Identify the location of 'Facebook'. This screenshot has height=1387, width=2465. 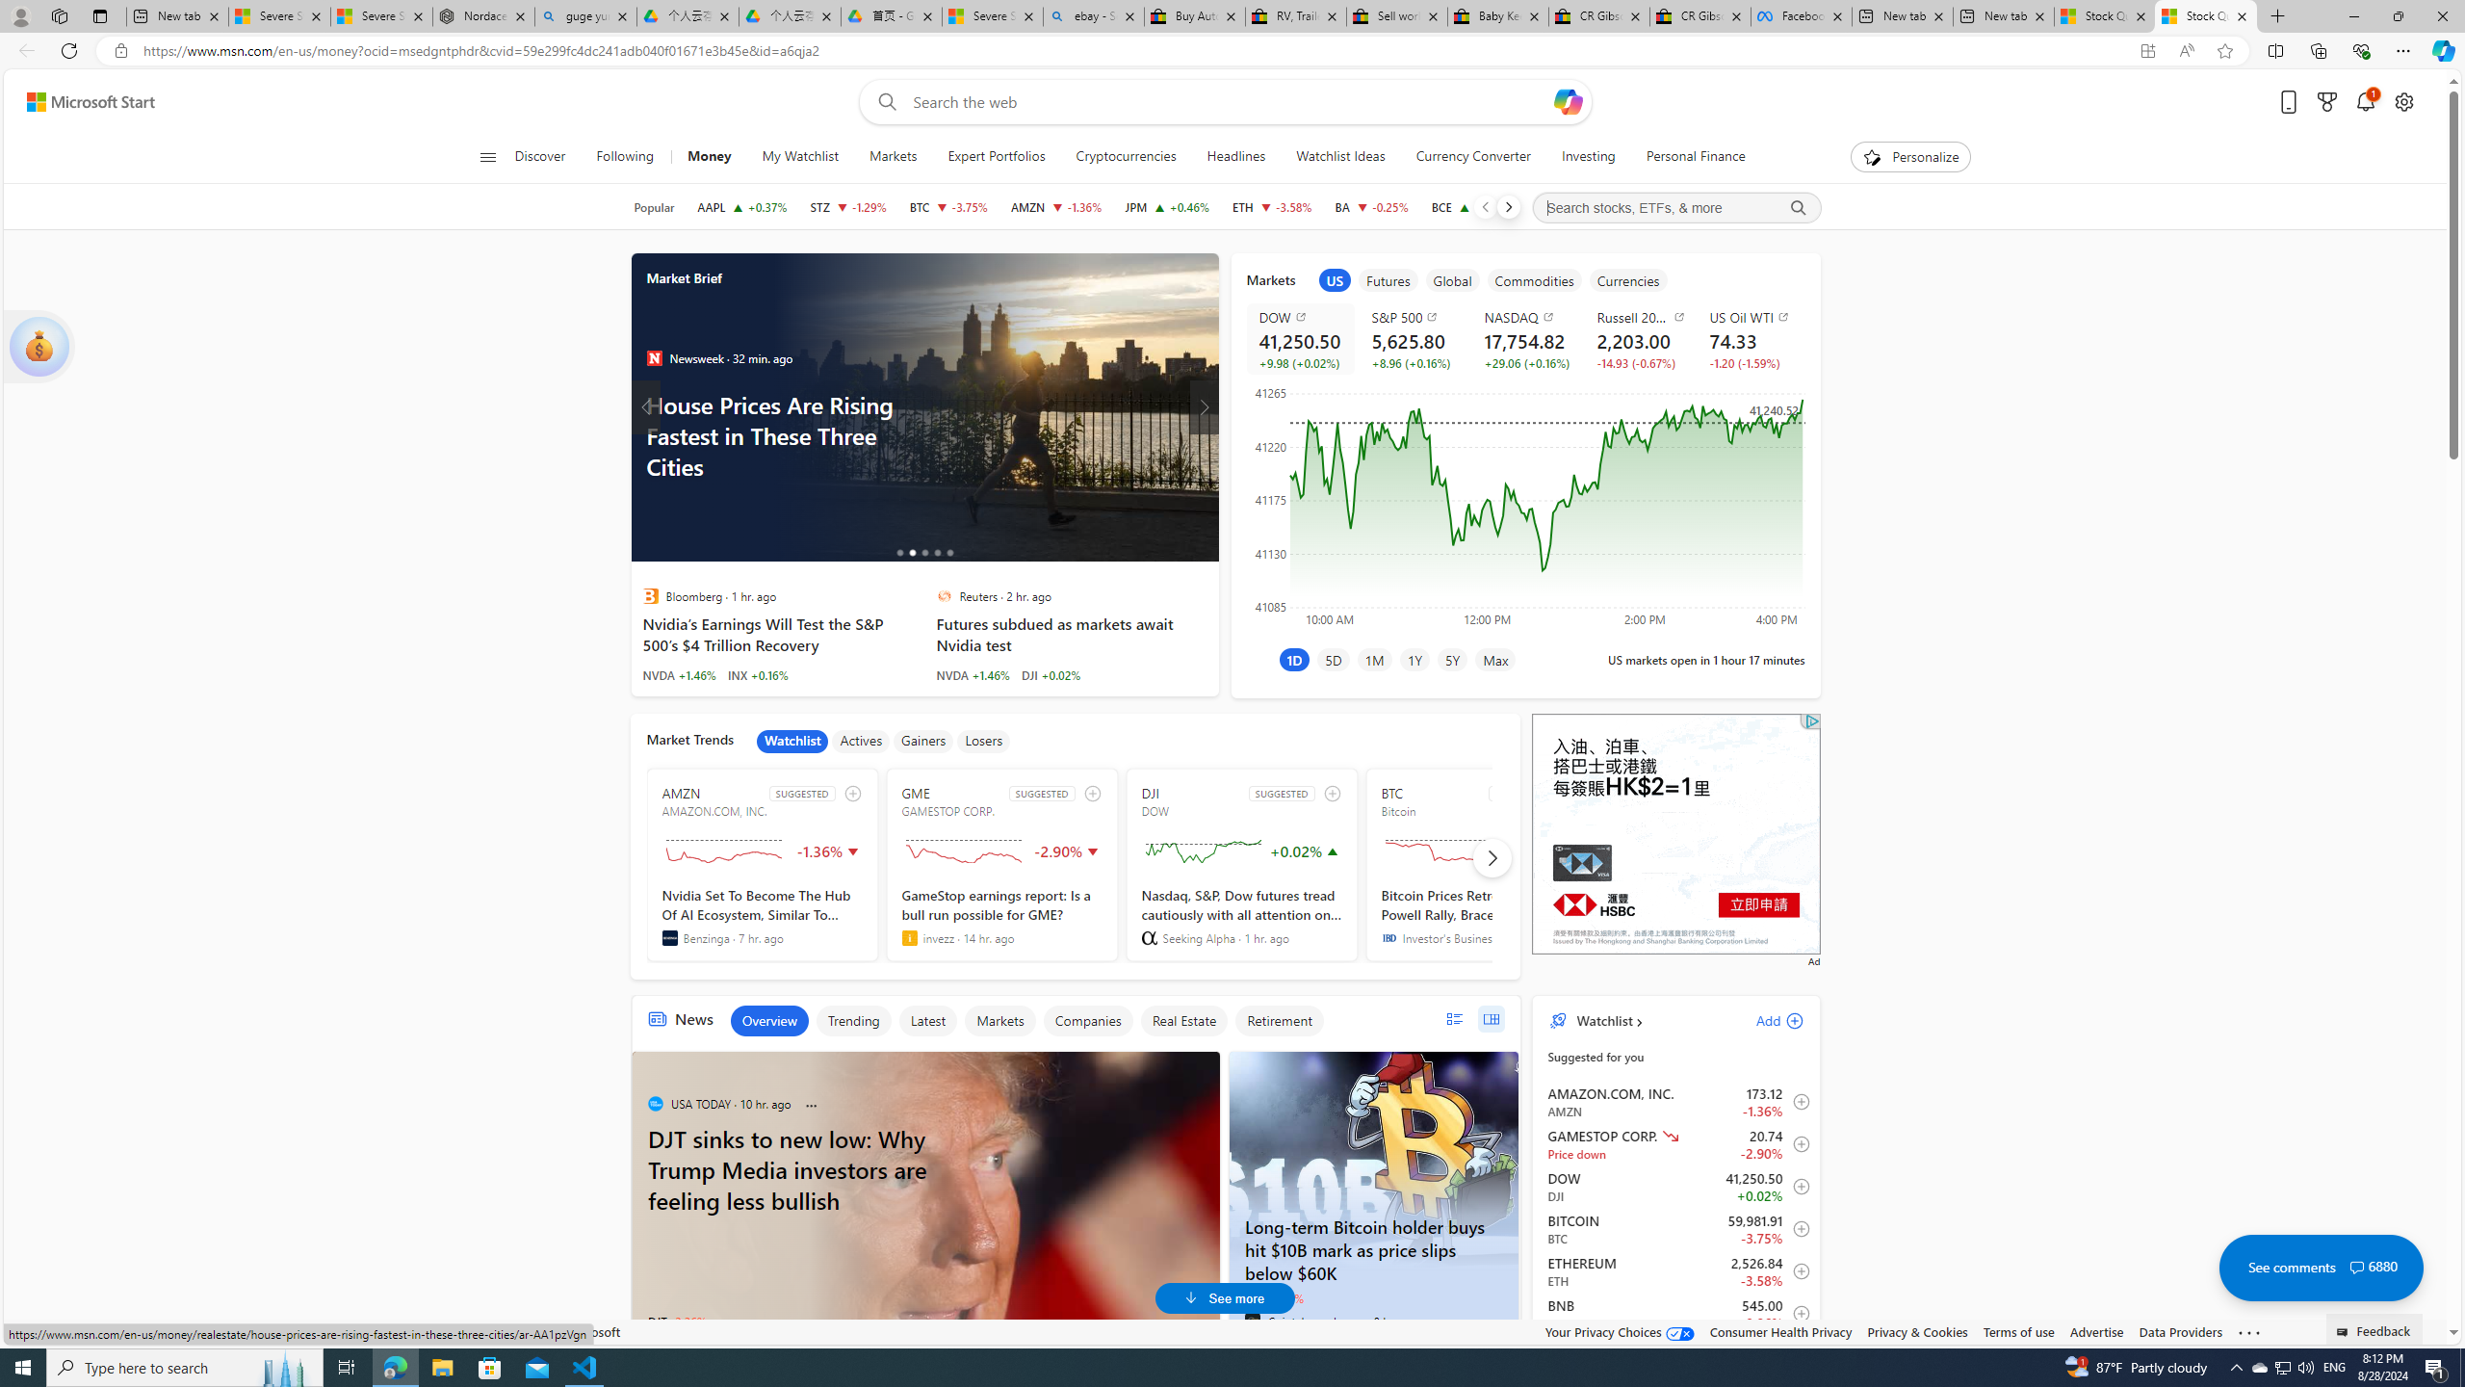
(1802, 15).